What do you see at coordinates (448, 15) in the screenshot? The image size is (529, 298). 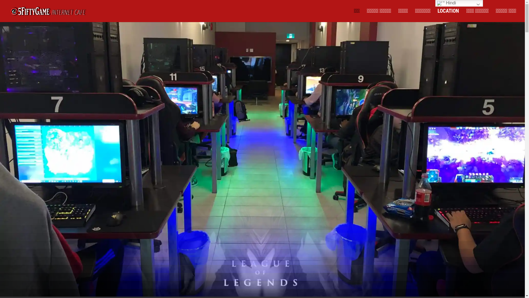 I see `'LOCATION'` at bounding box center [448, 15].